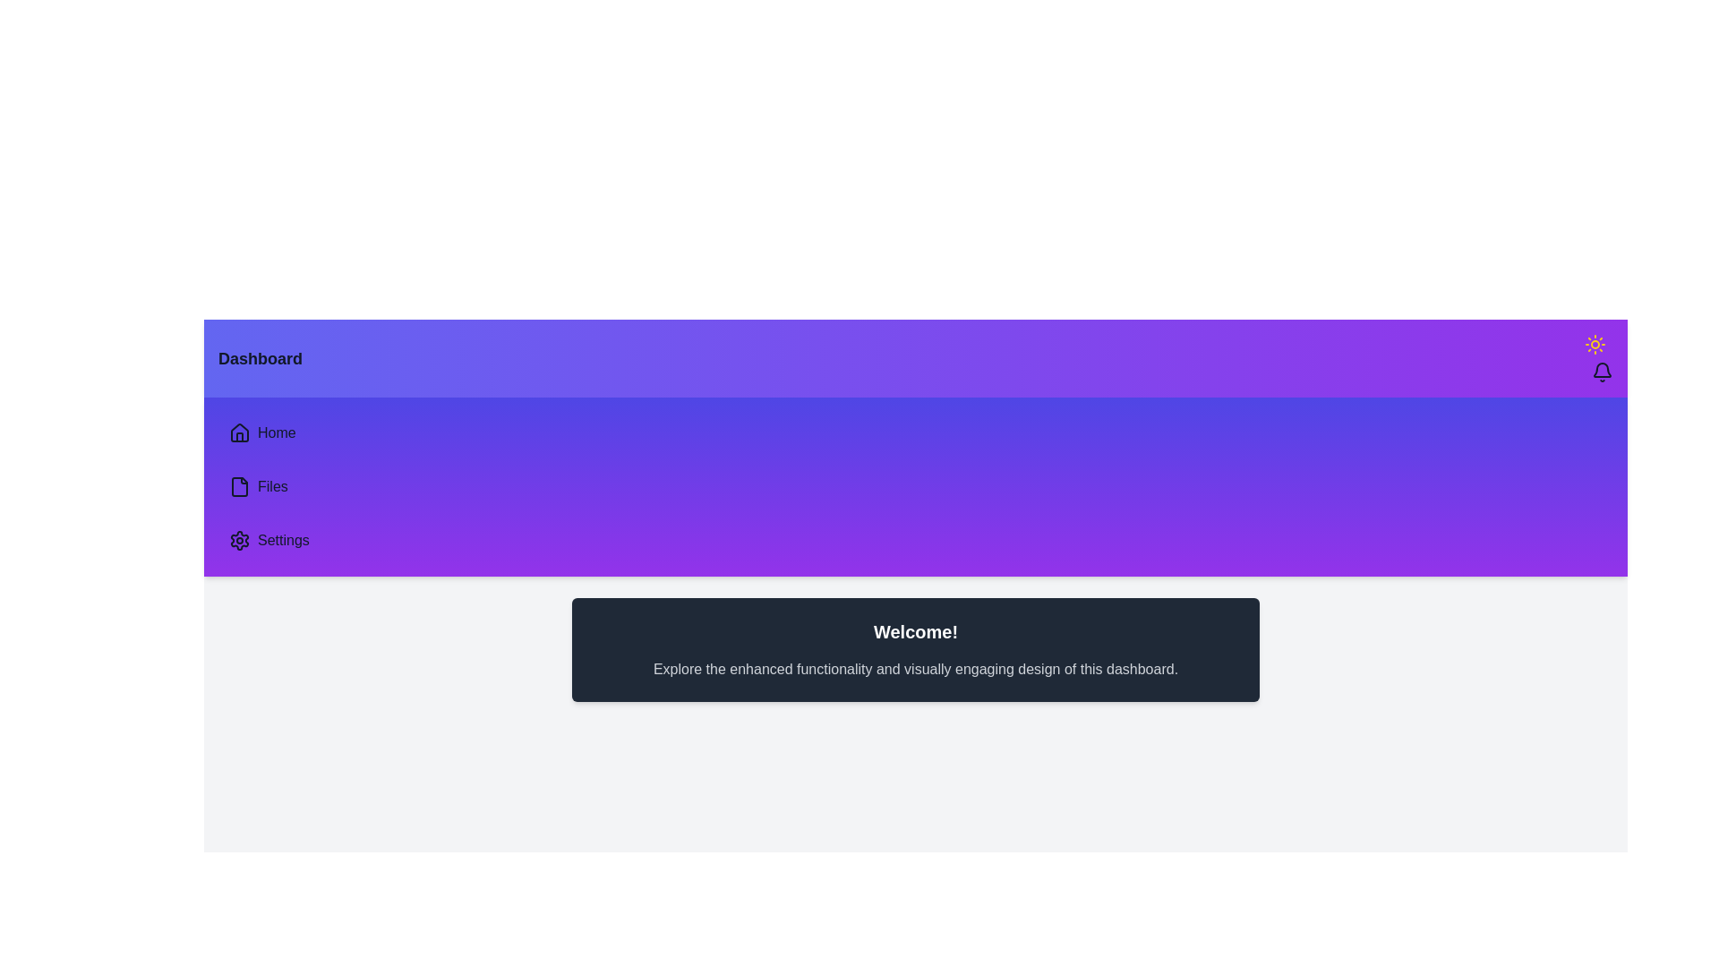 Image resolution: width=1719 pixels, height=967 pixels. Describe the element at coordinates (1595, 345) in the screenshot. I see `the sun icon to toggle dark mode` at that location.